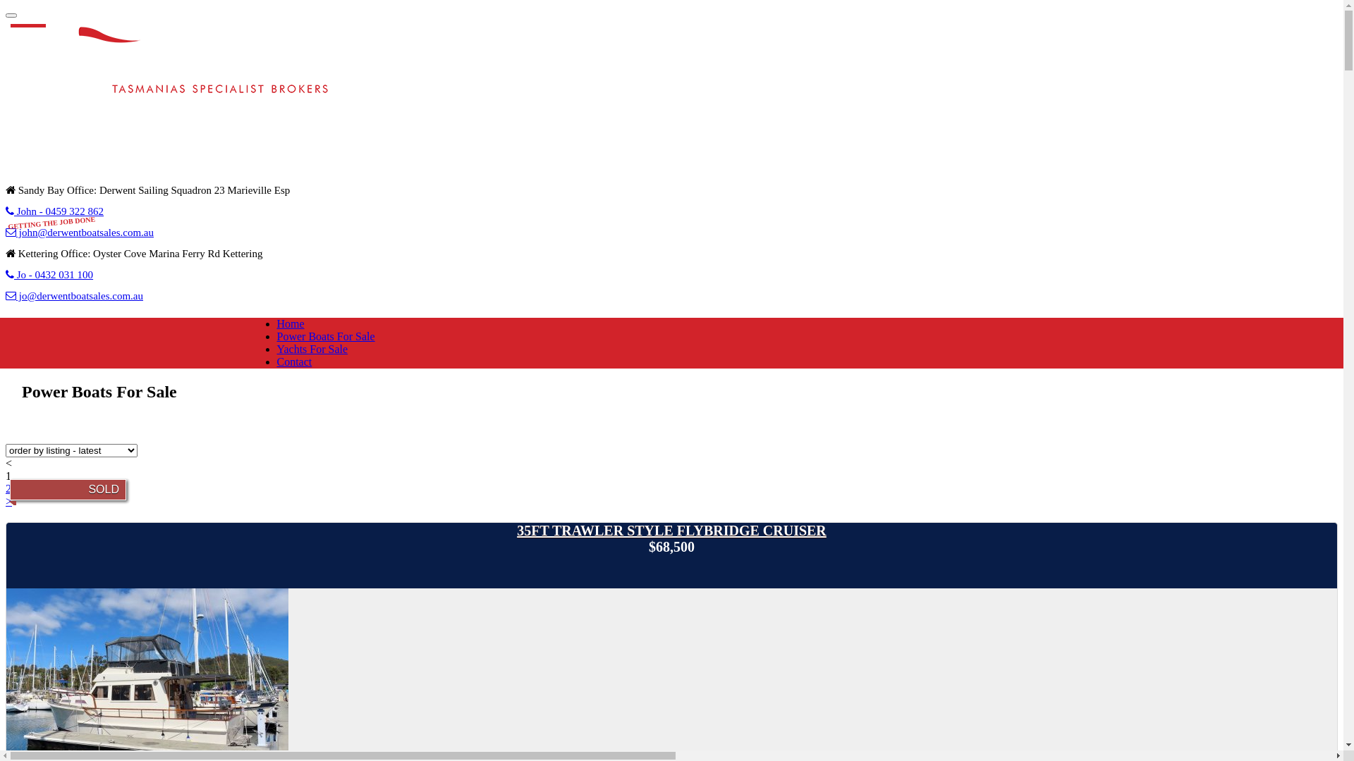 The height and width of the screenshot is (761, 1354). What do you see at coordinates (276, 361) in the screenshot?
I see `'Contact'` at bounding box center [276, 361].